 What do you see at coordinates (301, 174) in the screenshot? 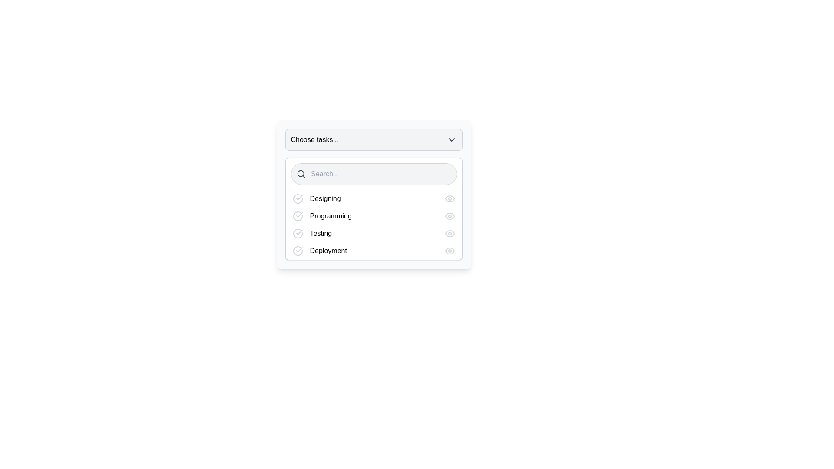
I see `the search icon represented by a gray magnifying glass located in the upper-left corner of the search bar` at bounding box center [301, 174].